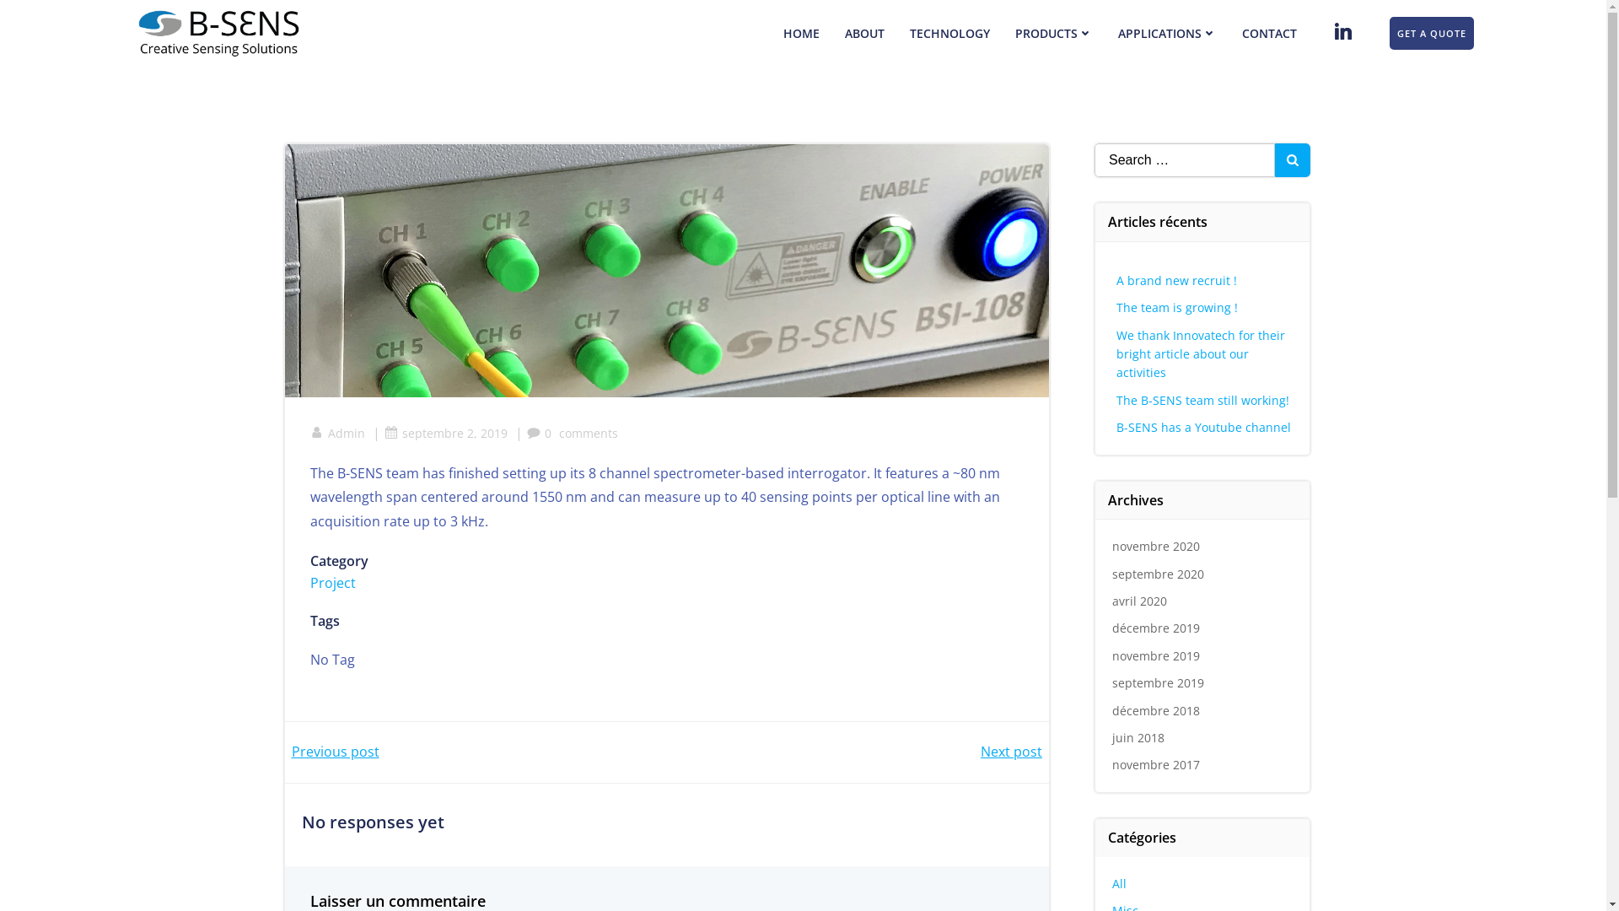 The height and width of the screenshot is (911, 1619). Describe the element at coordinates (1431, 33) in the screenshot. I see `'GET A QUOTE'` at that location.